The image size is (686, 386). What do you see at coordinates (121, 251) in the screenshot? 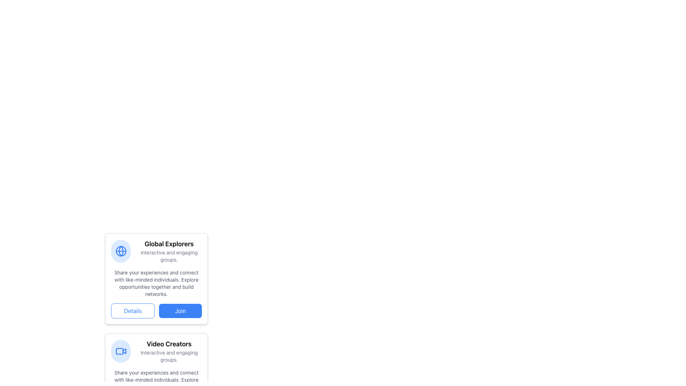
I see `the 'Global Explorers' icon, which is centrally positioned at the top of the card with the title 'Global Explorers.'` at bounding box center [121, 251].